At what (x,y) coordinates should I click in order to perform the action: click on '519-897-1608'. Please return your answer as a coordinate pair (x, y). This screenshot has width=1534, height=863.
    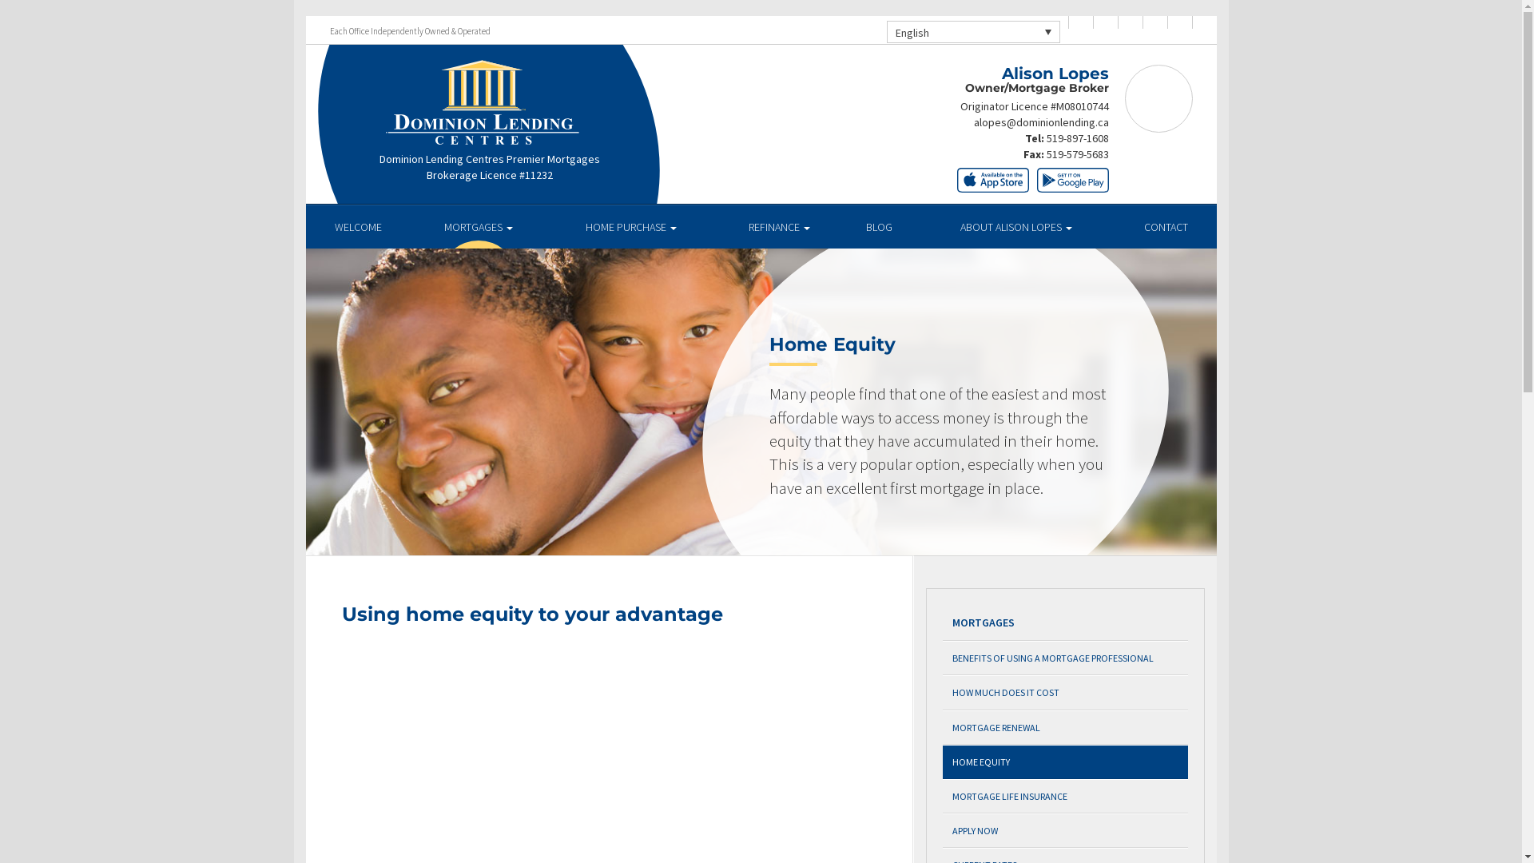
    Looking at the image, I should click on (1047, 137).